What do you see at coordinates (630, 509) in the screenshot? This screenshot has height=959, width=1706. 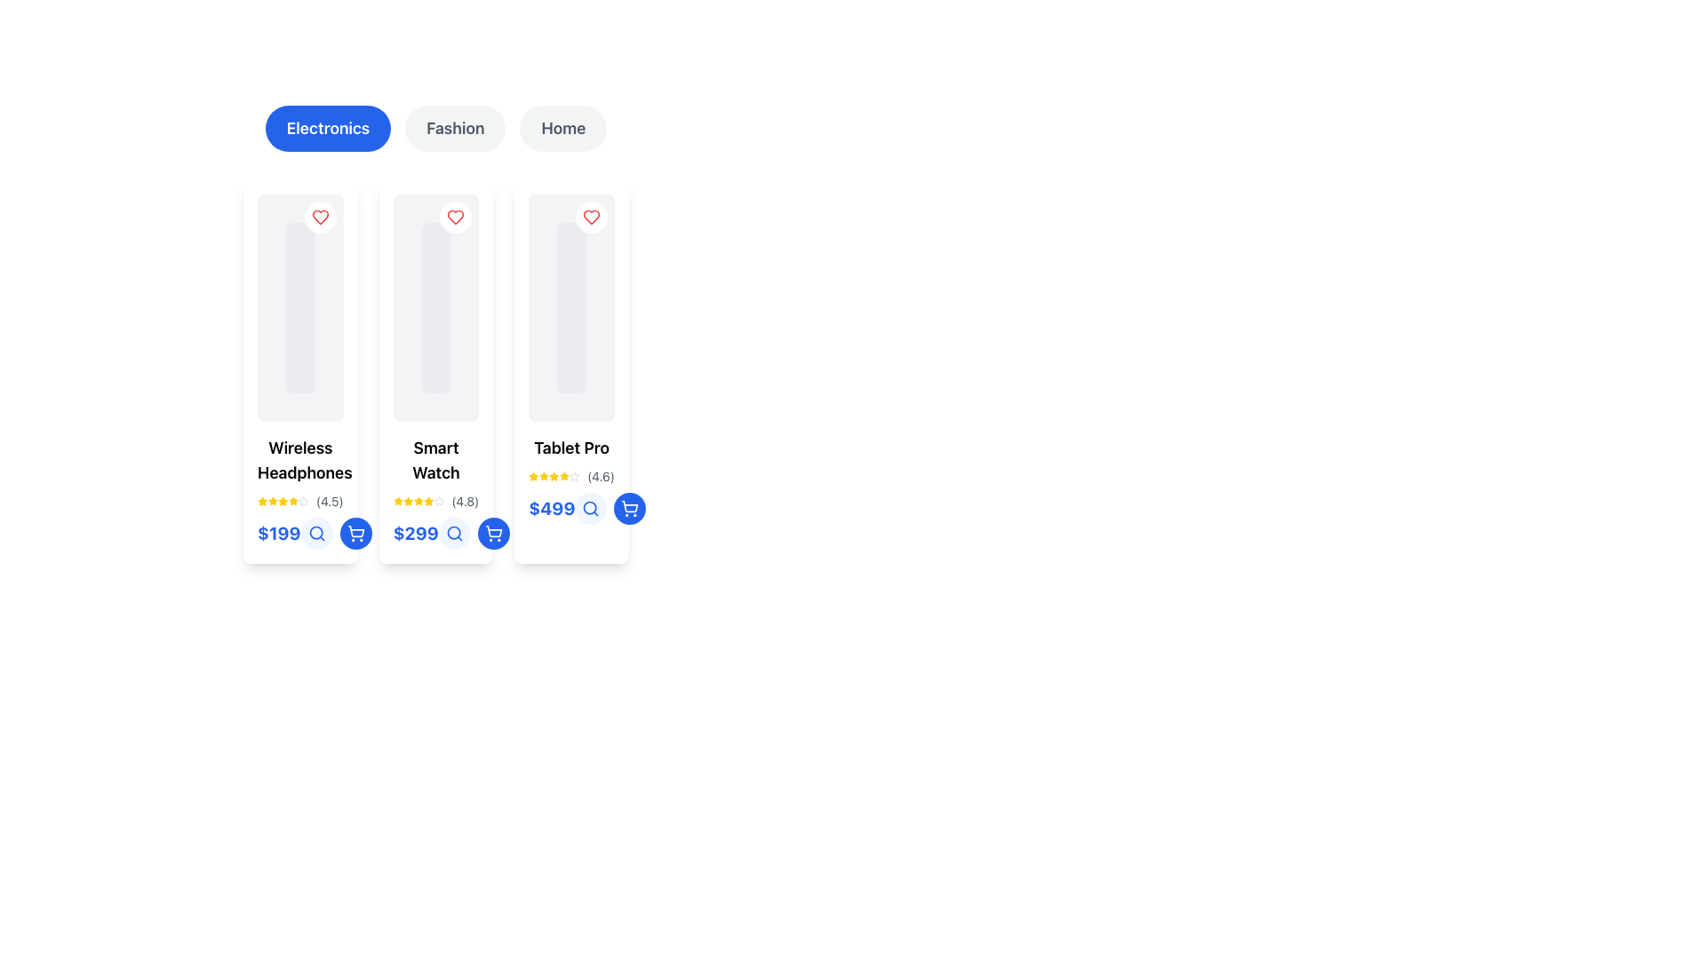 I see `the third shopping cart icon button at the bottom-right corner of the 'Tablet Pro' product card` at bounding box center [630, 509].